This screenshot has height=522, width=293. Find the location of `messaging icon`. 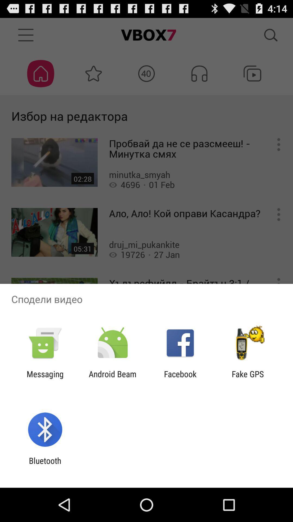

messaging icon is located at coordinates (45, 378).